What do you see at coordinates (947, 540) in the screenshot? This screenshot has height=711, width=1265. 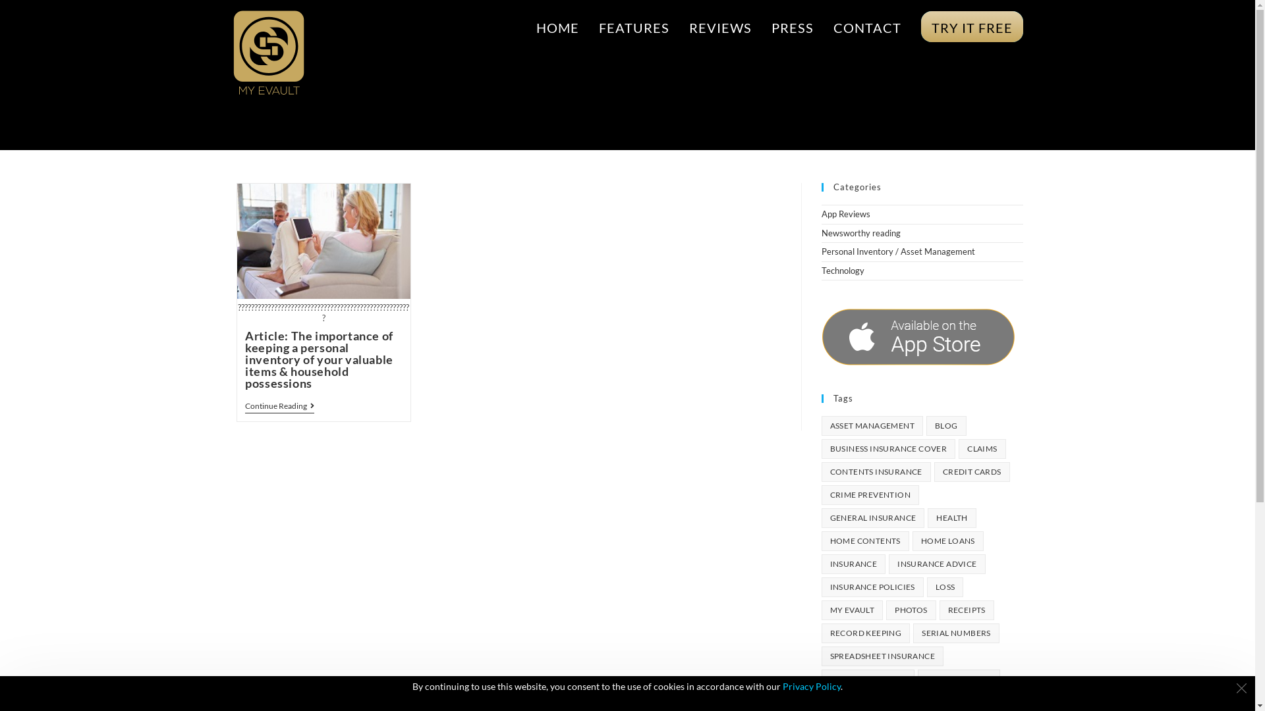 I see `'HOME LOANS'` at bounding box center [947, 540].